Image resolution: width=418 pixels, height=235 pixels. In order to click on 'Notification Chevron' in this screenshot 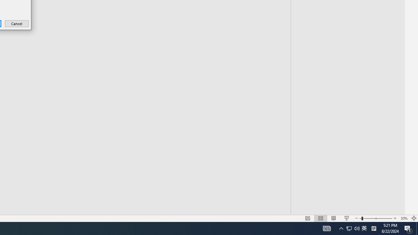, I will do `click(341, 228)`.